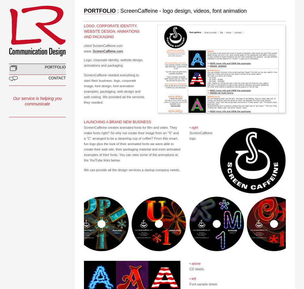  I want to click on '• left', so click(192, 278).